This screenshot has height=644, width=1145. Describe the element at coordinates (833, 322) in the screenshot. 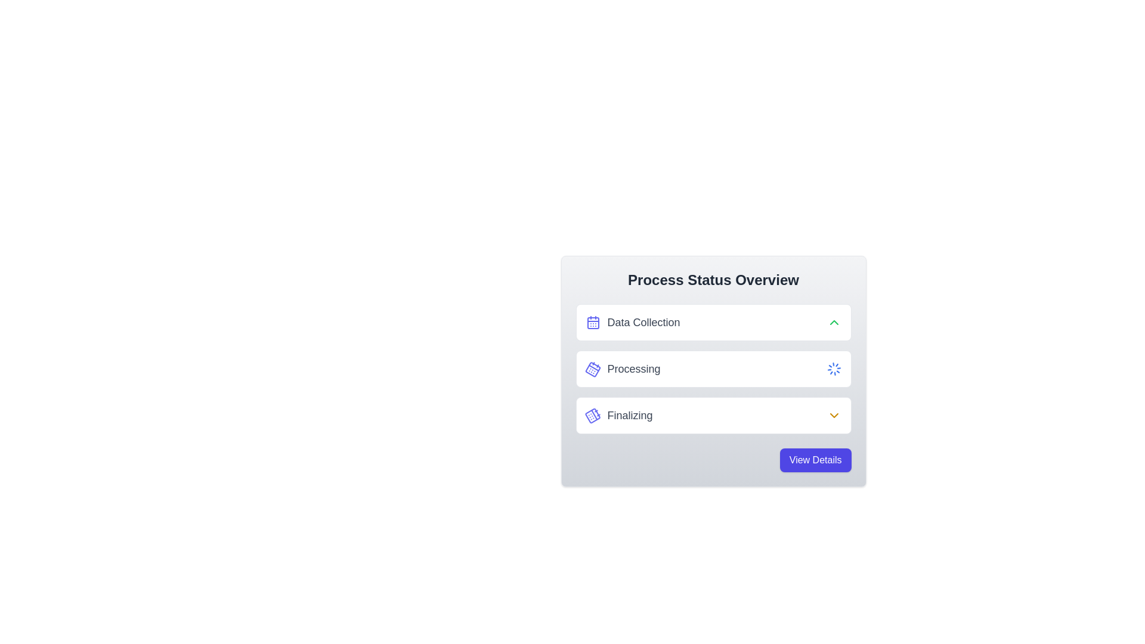

I see `the Chevron icon located to the right of the 'Data Collection' label` at that location.